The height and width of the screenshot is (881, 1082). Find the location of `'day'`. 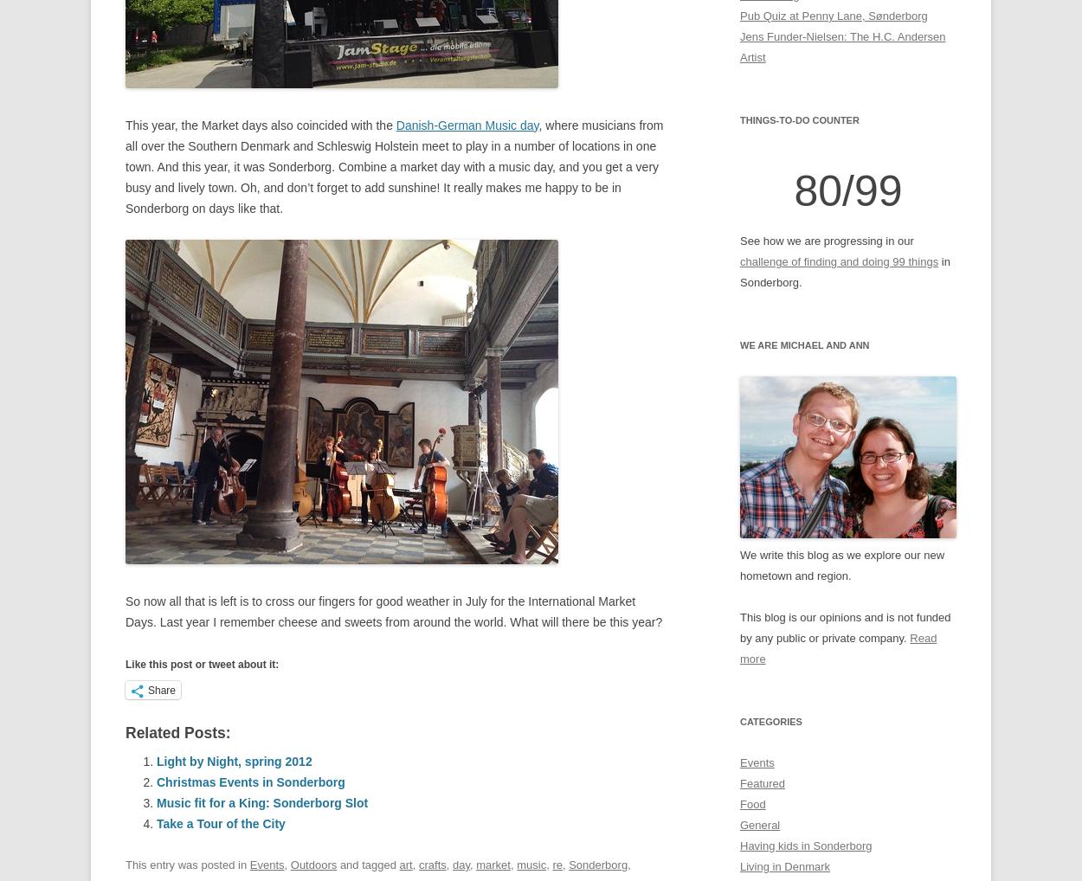

'day' is located at coordinates (453, 865).